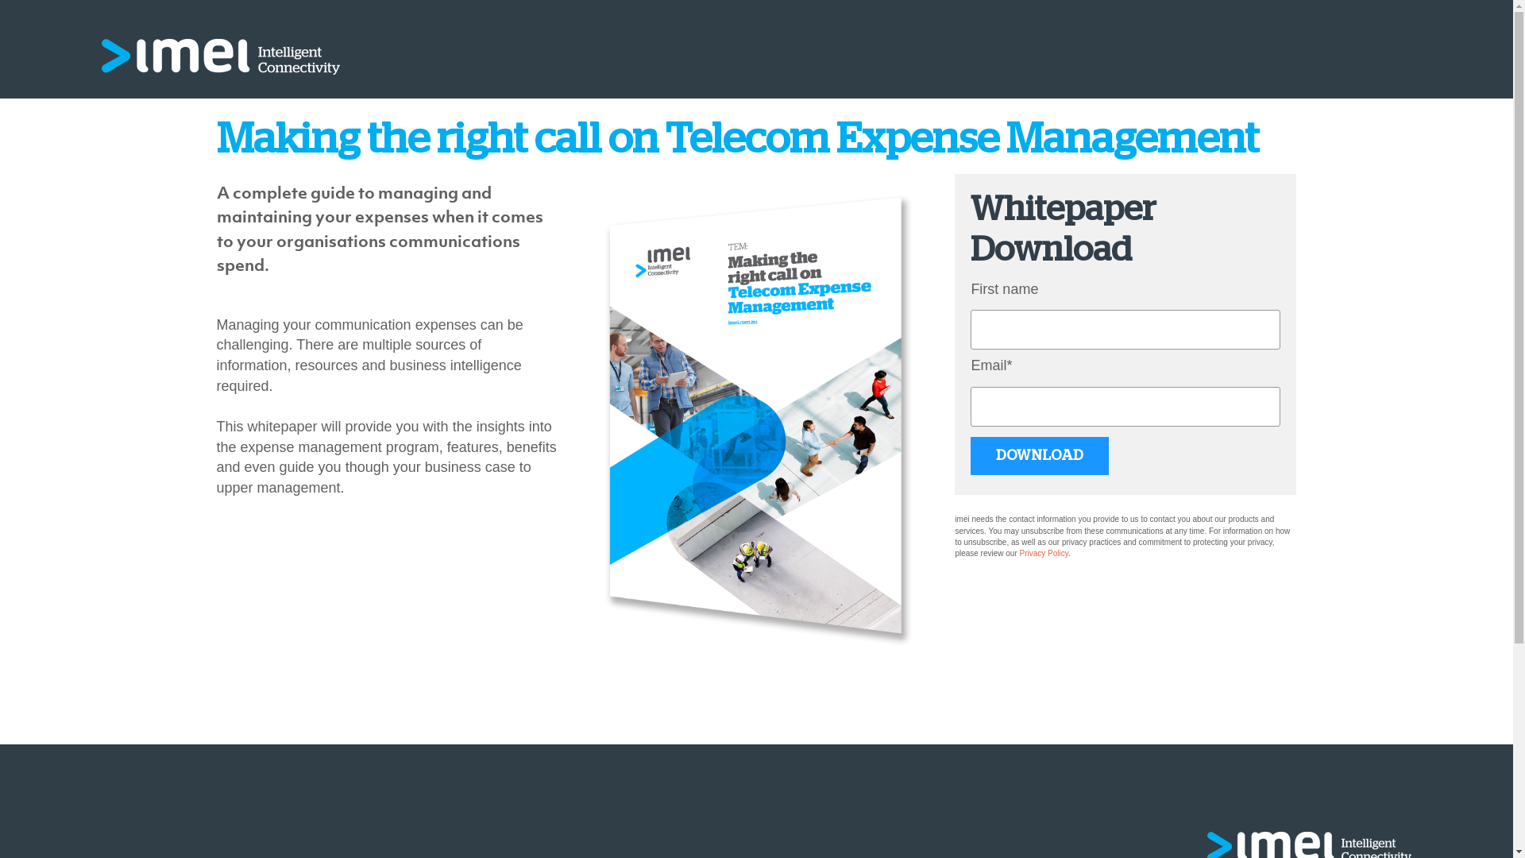 The width and height of the screenshot is (1525, 858). Describe the element at coordinates (1044, 552) in the screenshot. I see `'Privacy Policy'` at that location.